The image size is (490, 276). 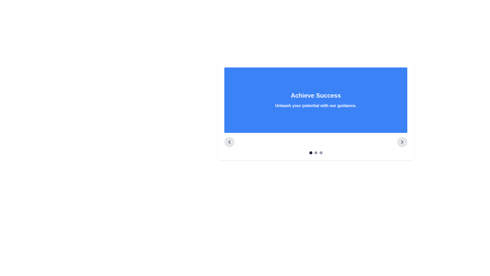 What do you see at coordinates (315, 105) in the screenshot?
I see `the informational or motivational Text Label located directly beneath the 'Achieve Success' heading within a centered rectangular blue area` at bounding box center [315, 105].